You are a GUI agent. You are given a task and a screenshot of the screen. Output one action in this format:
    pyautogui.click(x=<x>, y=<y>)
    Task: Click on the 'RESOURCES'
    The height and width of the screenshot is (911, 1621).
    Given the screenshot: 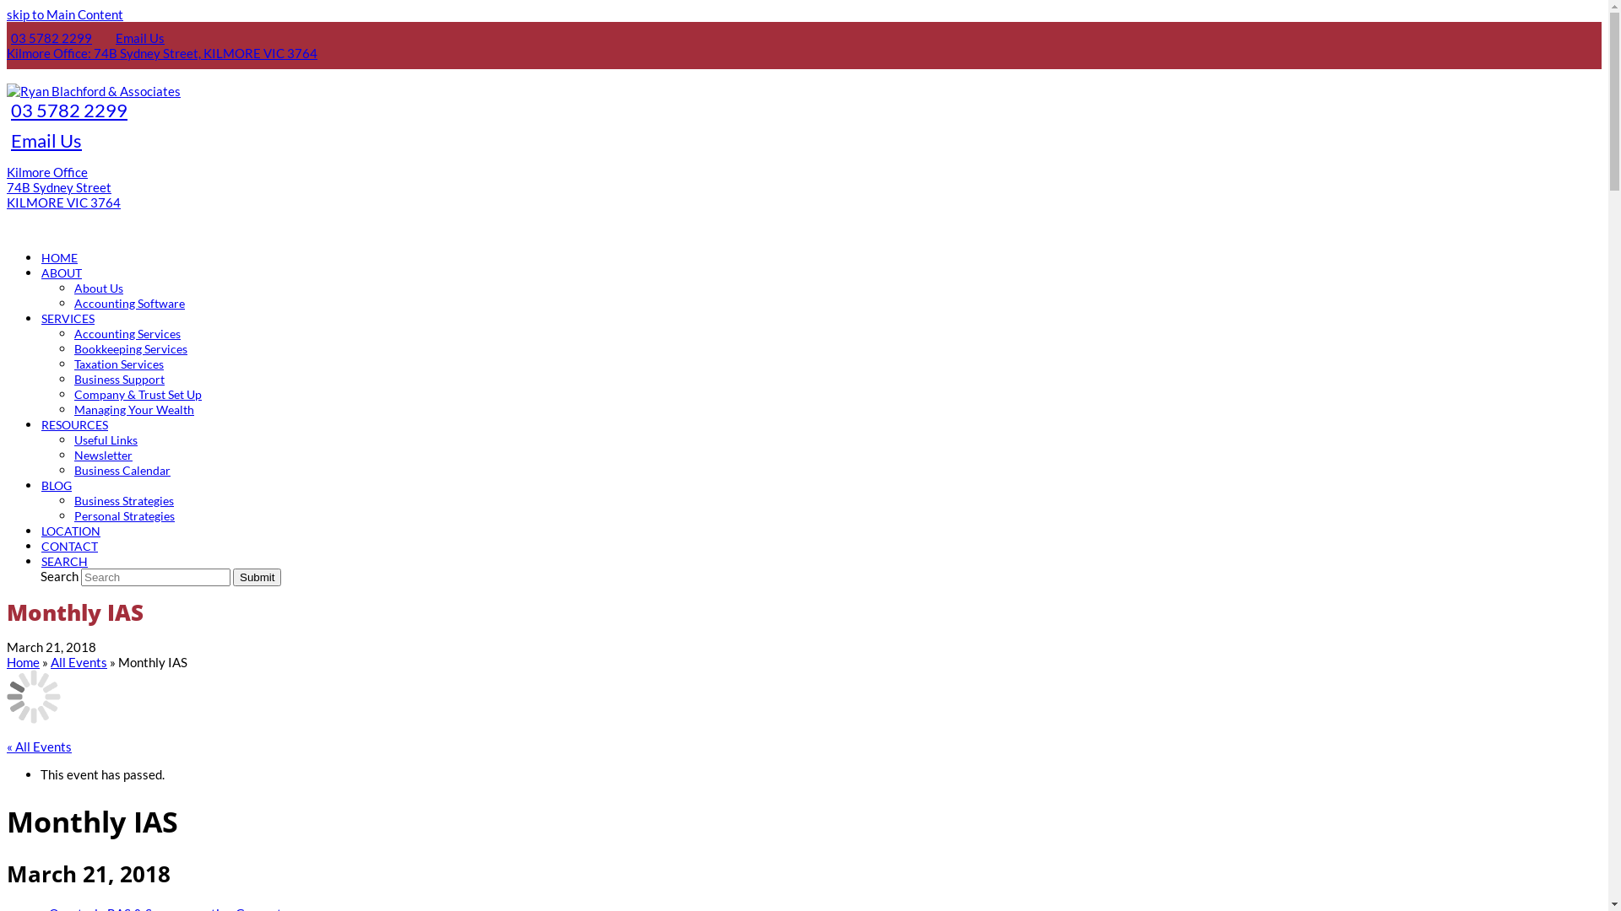 What is the action you would take?
    pyautogui.click(x=73, y=423)
    